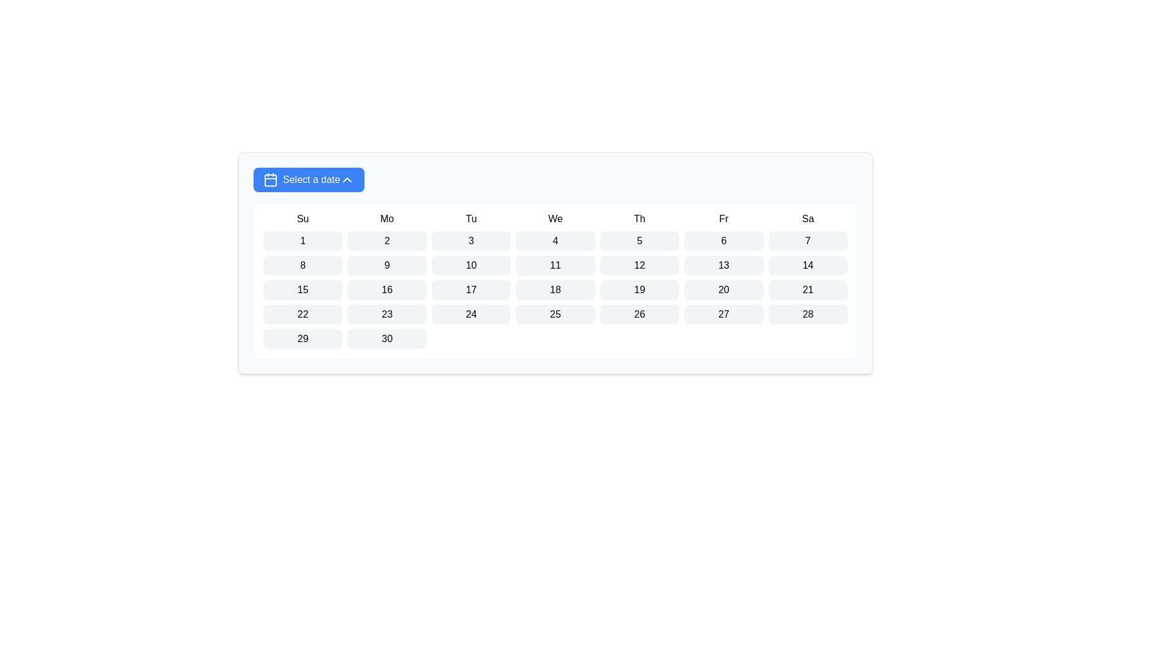 The width and height of the screenshot is (1176, 661). What do you see at coordinates (555, 313) in the screenshot?
I see `the button displaying the number '25' which has a grey background and is located in the fifth row, fourth column of the calendar grid` at bounding box center [555, 313].